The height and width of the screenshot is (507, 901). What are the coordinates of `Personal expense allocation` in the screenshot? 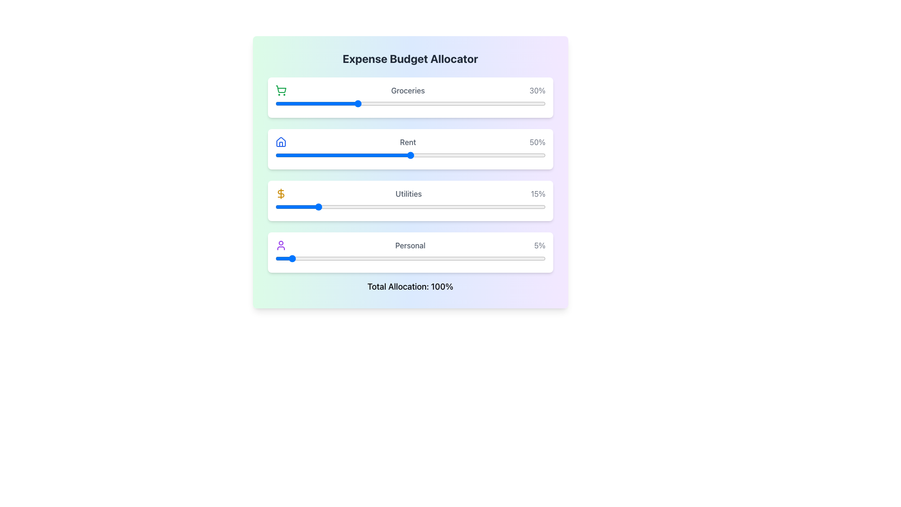 It's located at (529, 259).